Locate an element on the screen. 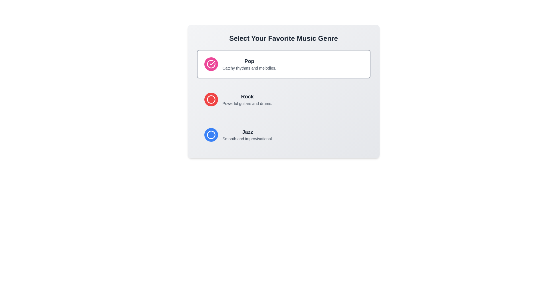 Image resolution: width=548 pixels, height=308 pixels. the 'Rock' music genre text element, which is the second item in the list below 'Select Your Favorite Music Genre' is located at coordinates (247, 99).